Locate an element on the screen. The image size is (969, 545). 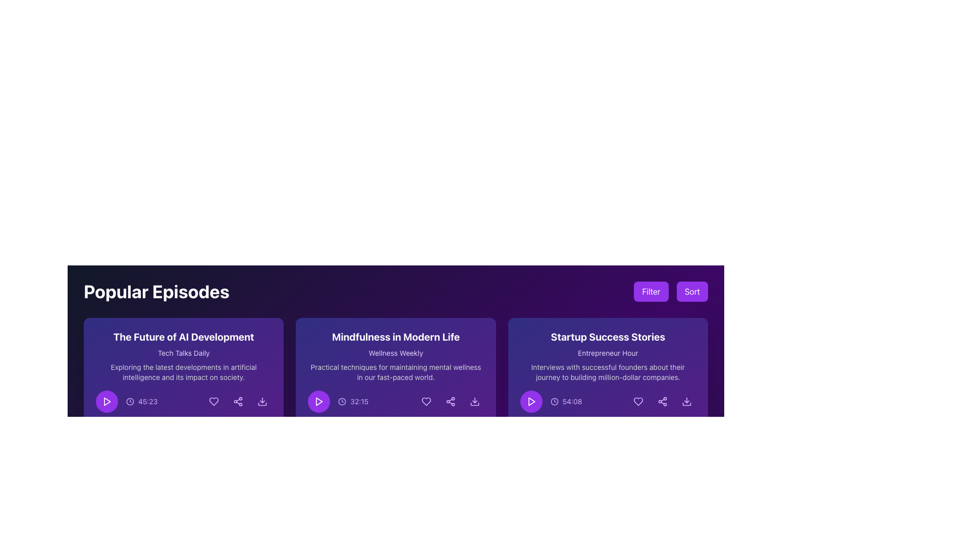
the Label/Text with Icon displaying the duration of the episode located in the bottom left of the first card under the 'Popular Episodes' section, immediately to the right of the play button is located at coordinates (126, 401).